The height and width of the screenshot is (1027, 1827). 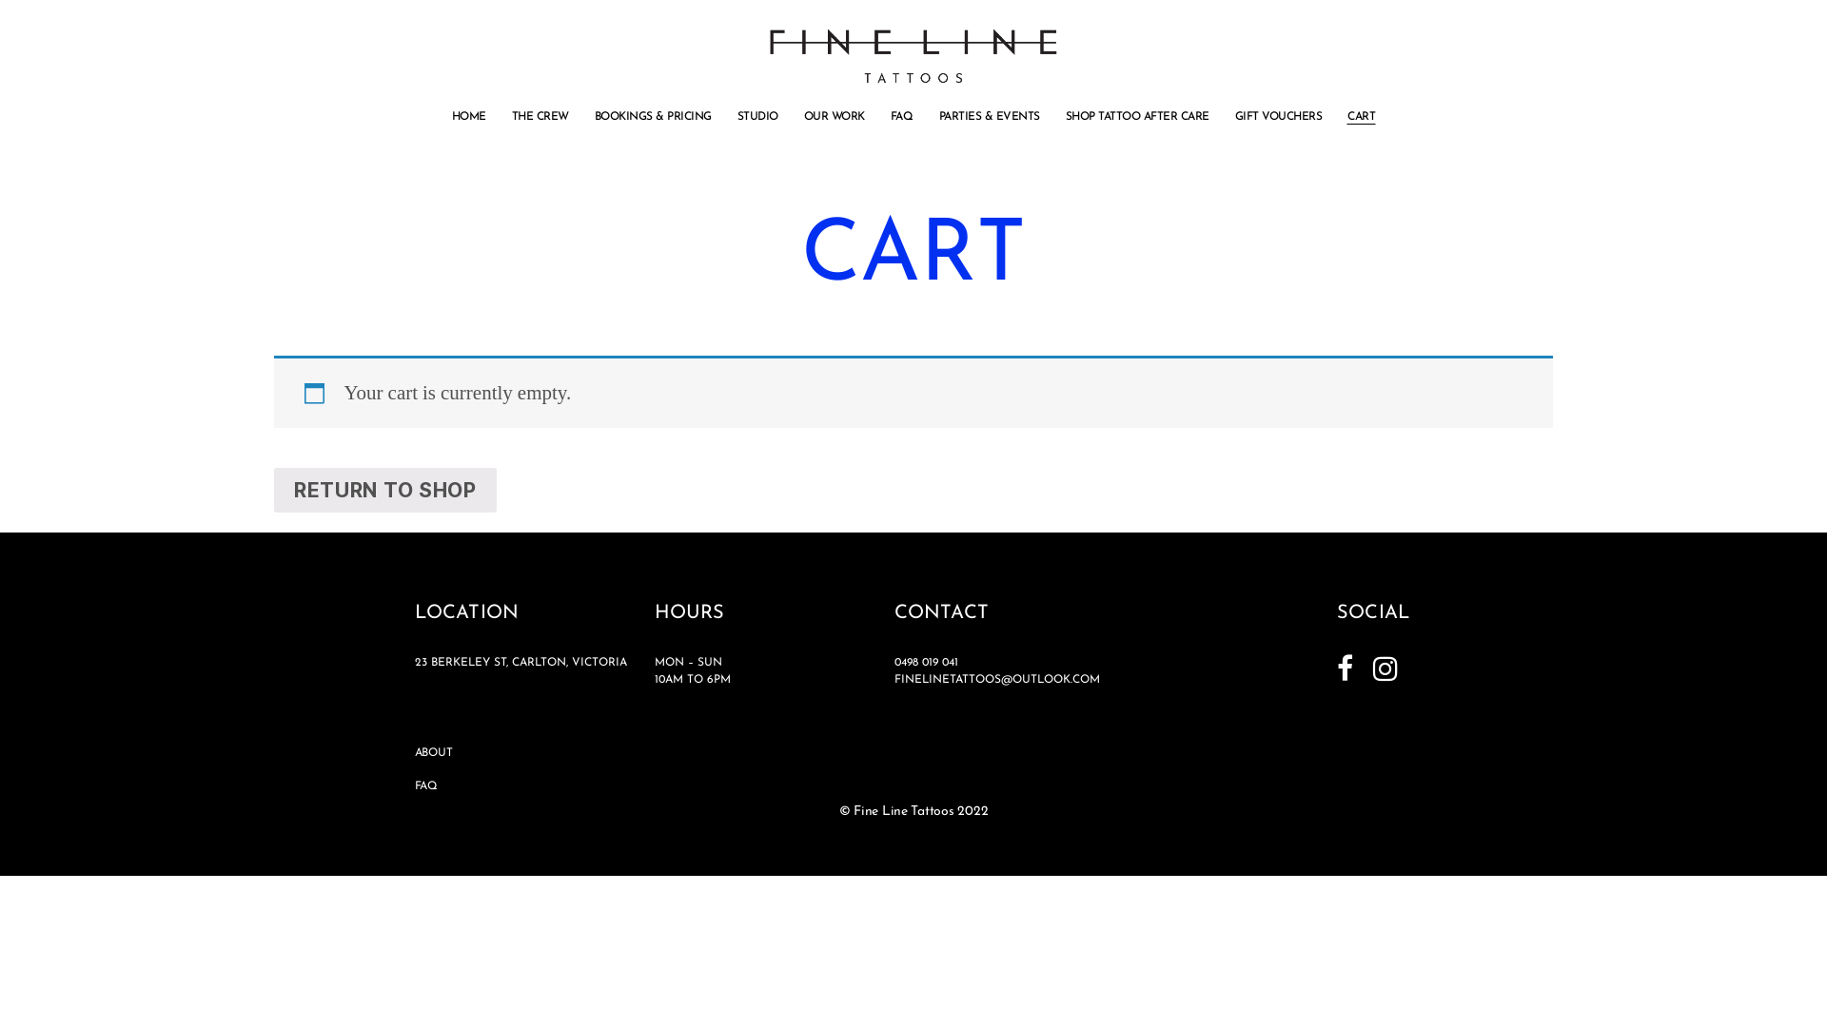 What do you see at coordinates (756, 117) in the screenshot?
I see `'STUDIO'` at bounding box center [756, 117].